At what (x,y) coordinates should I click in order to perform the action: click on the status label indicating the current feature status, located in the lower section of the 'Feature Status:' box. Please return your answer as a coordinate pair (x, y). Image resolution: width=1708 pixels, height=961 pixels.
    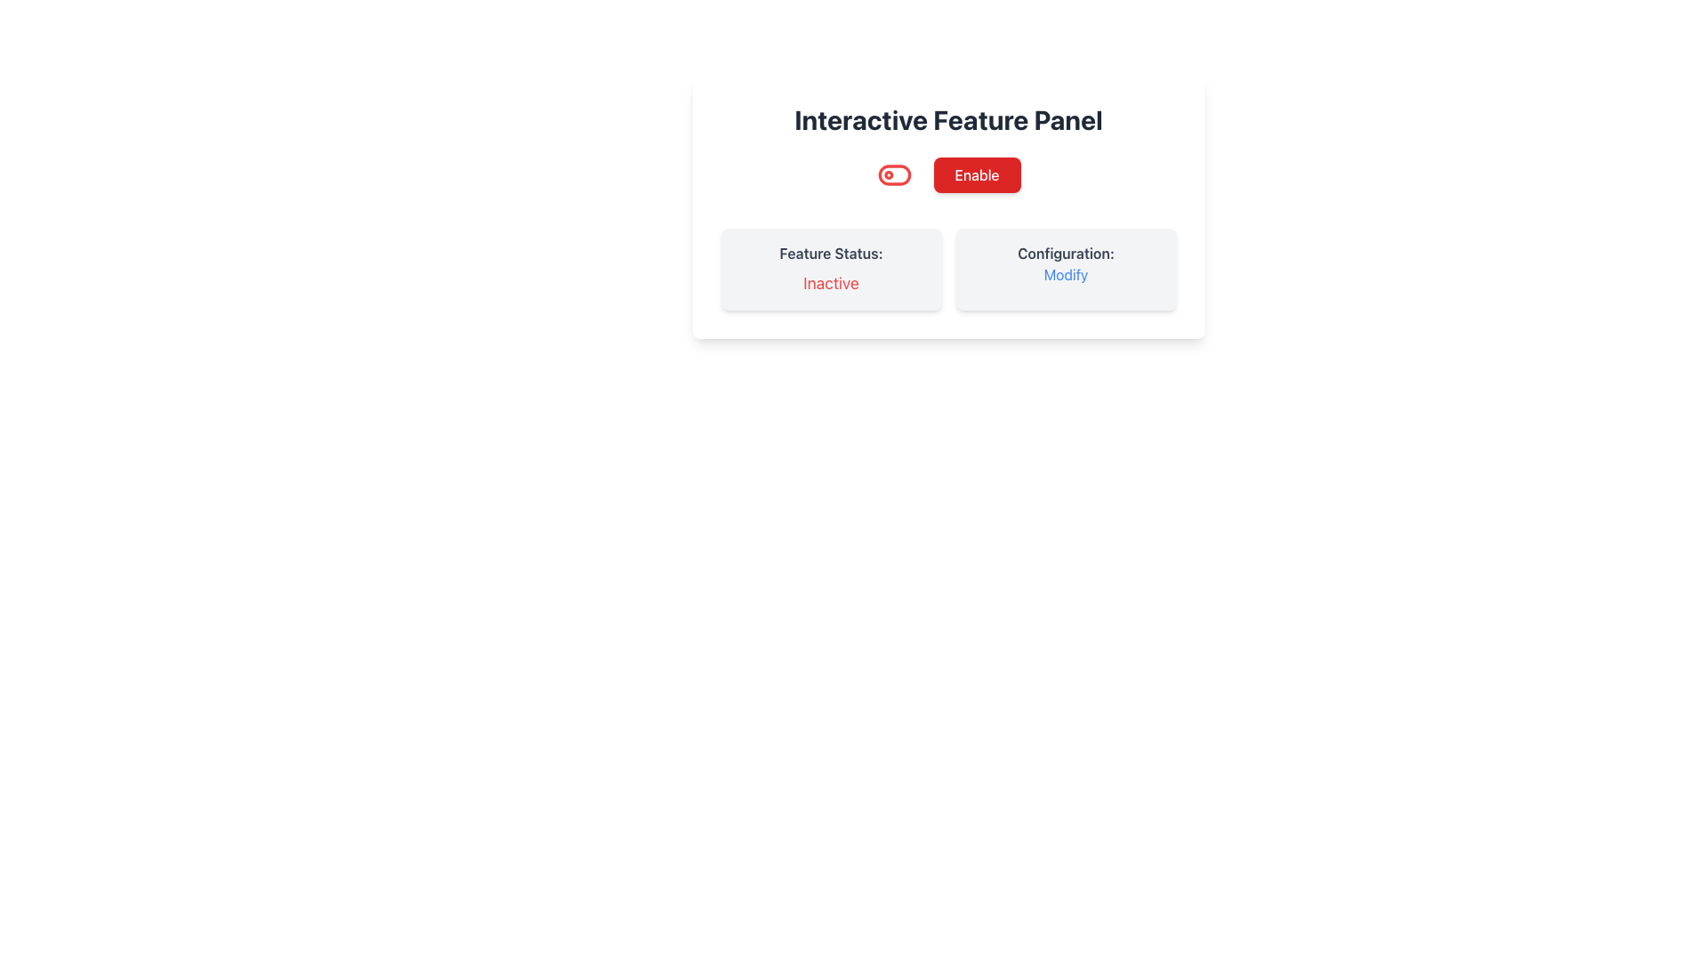
    Looking at the image, I should click on (830, 283).